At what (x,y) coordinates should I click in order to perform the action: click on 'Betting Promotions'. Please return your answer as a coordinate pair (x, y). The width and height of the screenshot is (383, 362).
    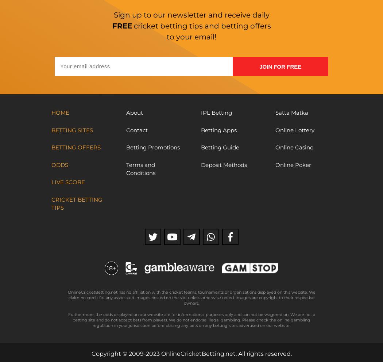
    Looking at the image, I should click on (152, 147).